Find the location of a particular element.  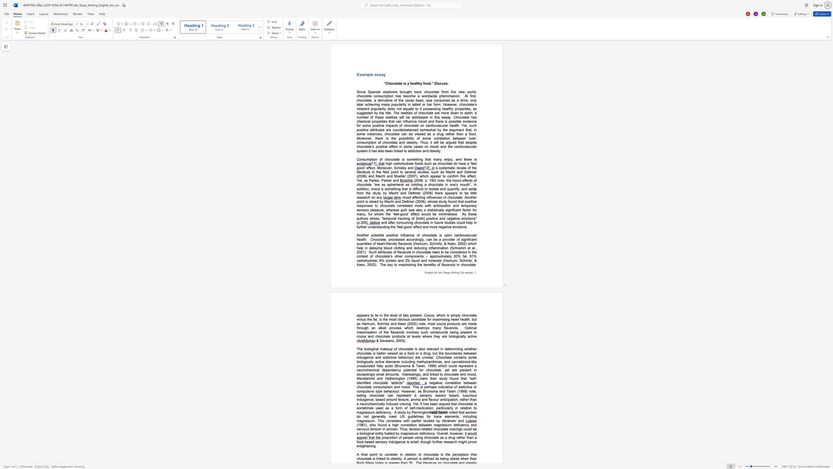

the subset text "colate can" within the text "of addictive or compulsive type behaviour. However, as Bruinsma and Taren (1999) note, eating chocolate can" is located at coordinates (375, 396).